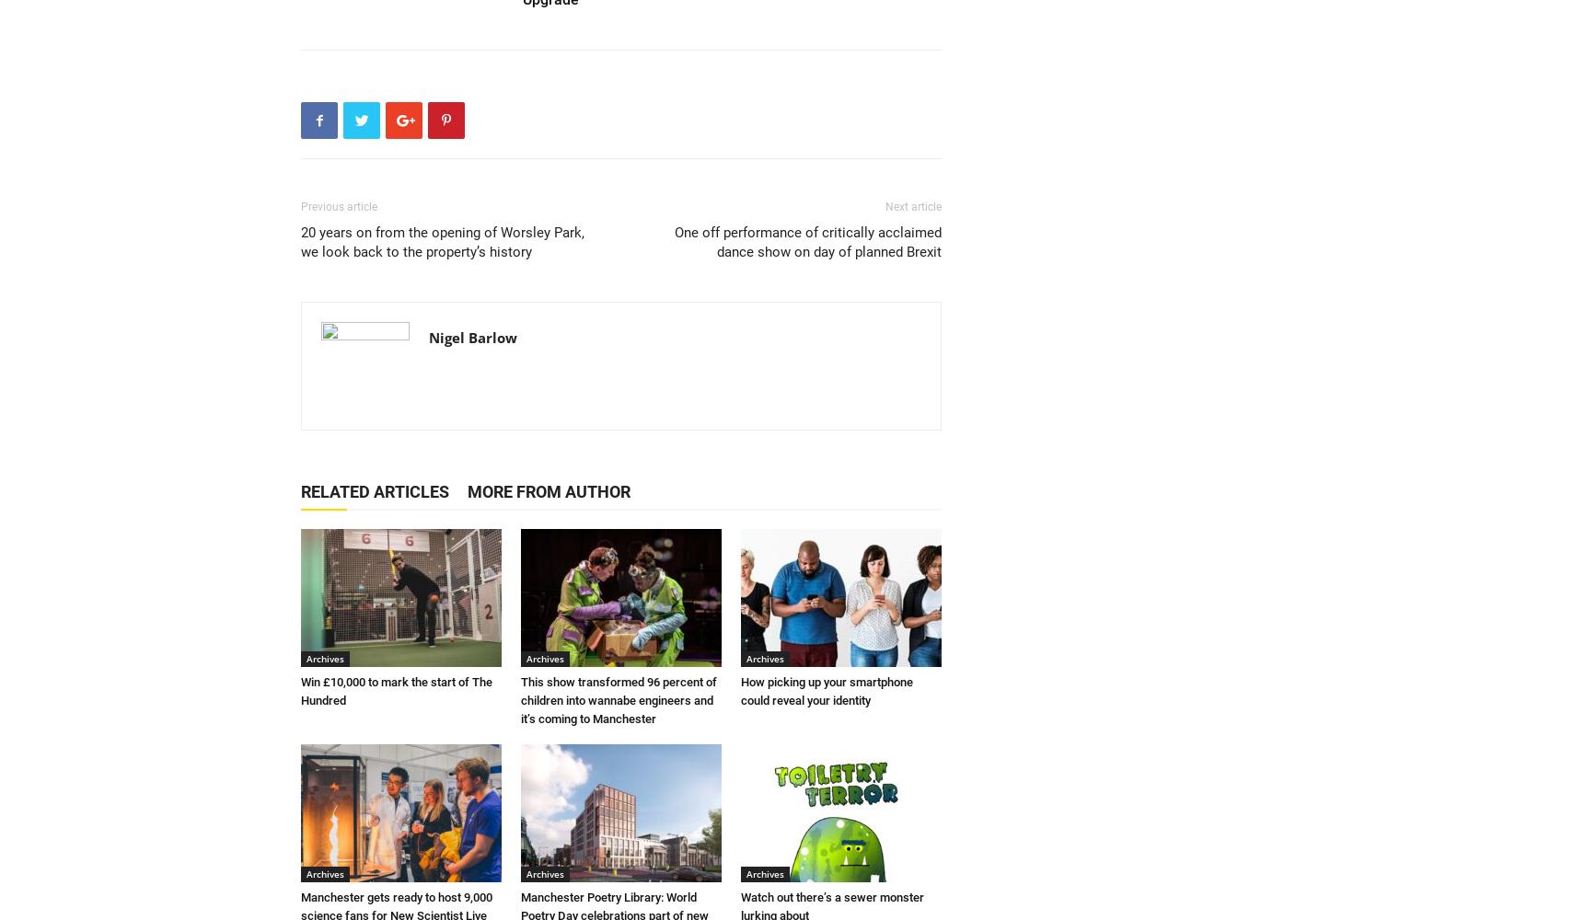 The image size is (1585, 920). Describe the element at coordinates (441, 242) in the screenshot. I see `'20 years on from the opening of Worsley Park, we look back to the property’s history'` at that location.